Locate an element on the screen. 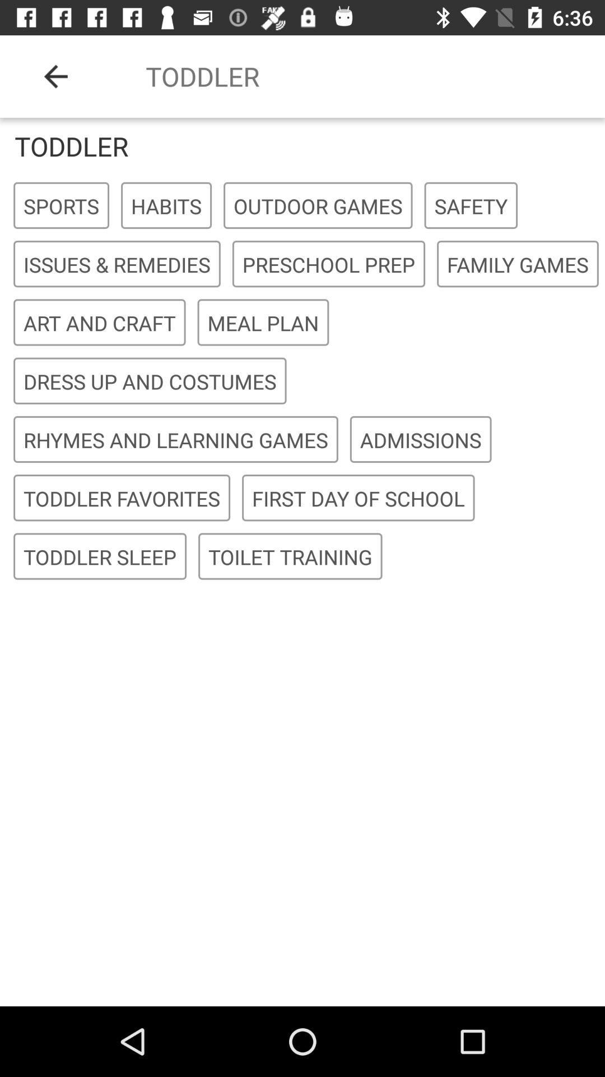 The height and width of the screenshot is (1077, 605). the icon above the toddler icon is located at coordinates (55, 76).